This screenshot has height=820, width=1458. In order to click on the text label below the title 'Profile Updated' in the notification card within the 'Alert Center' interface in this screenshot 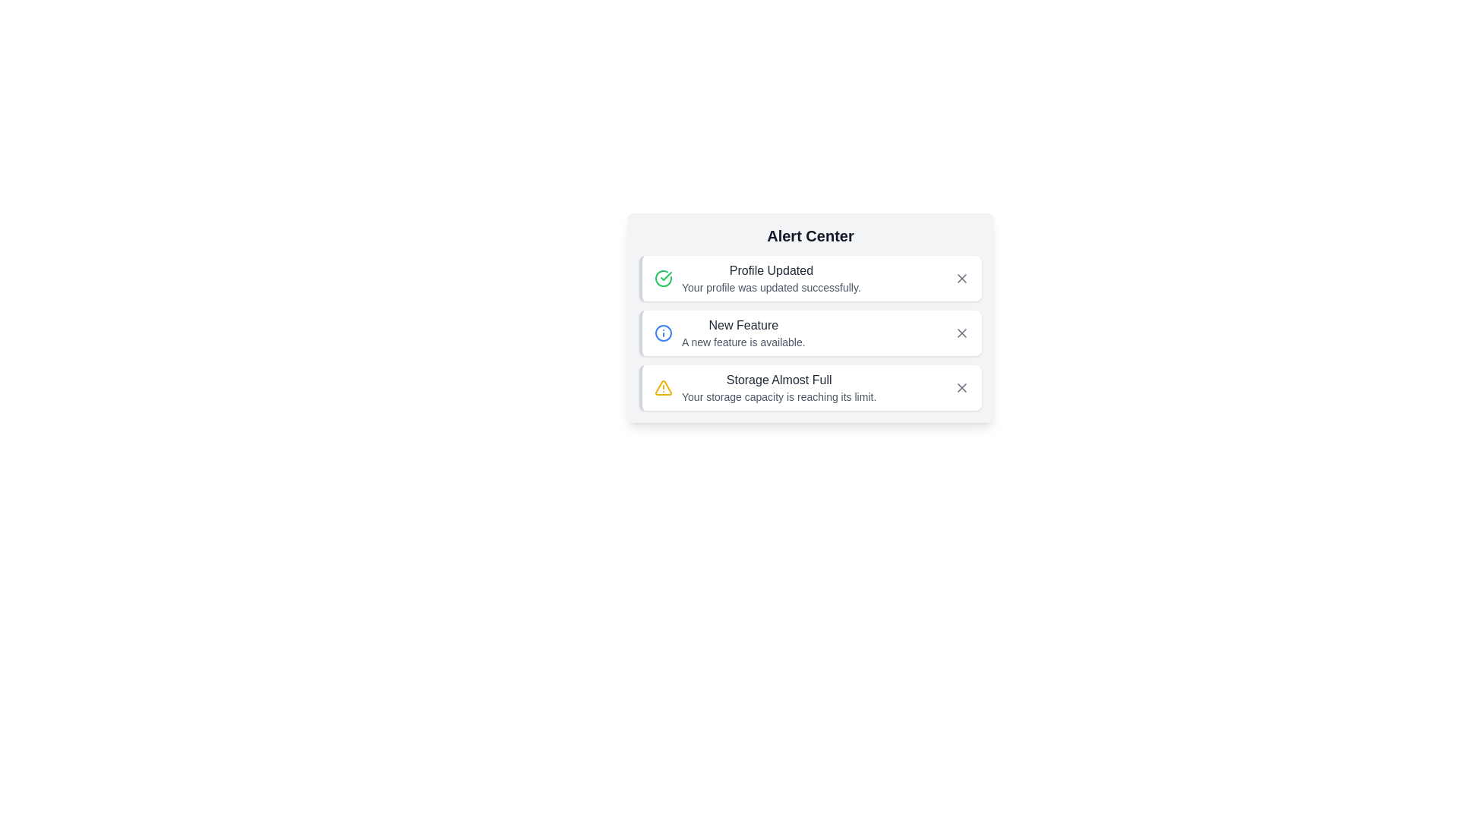, I will do `click(771, 287)`.